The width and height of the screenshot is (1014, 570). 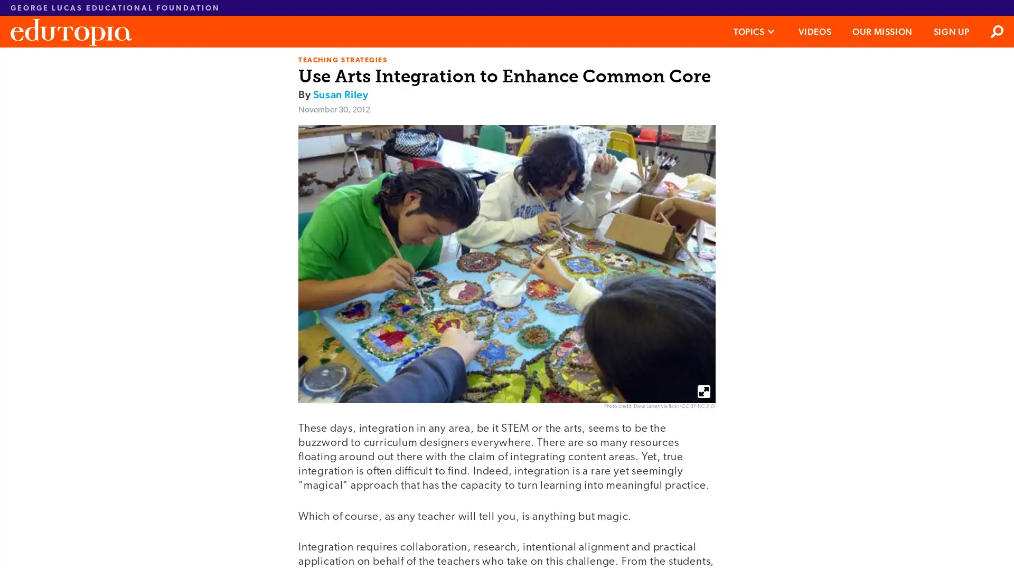 What do you see at coordinates (754, 31) in the screenshot?
I see `TOPICS` at bounding box center [754, 31].